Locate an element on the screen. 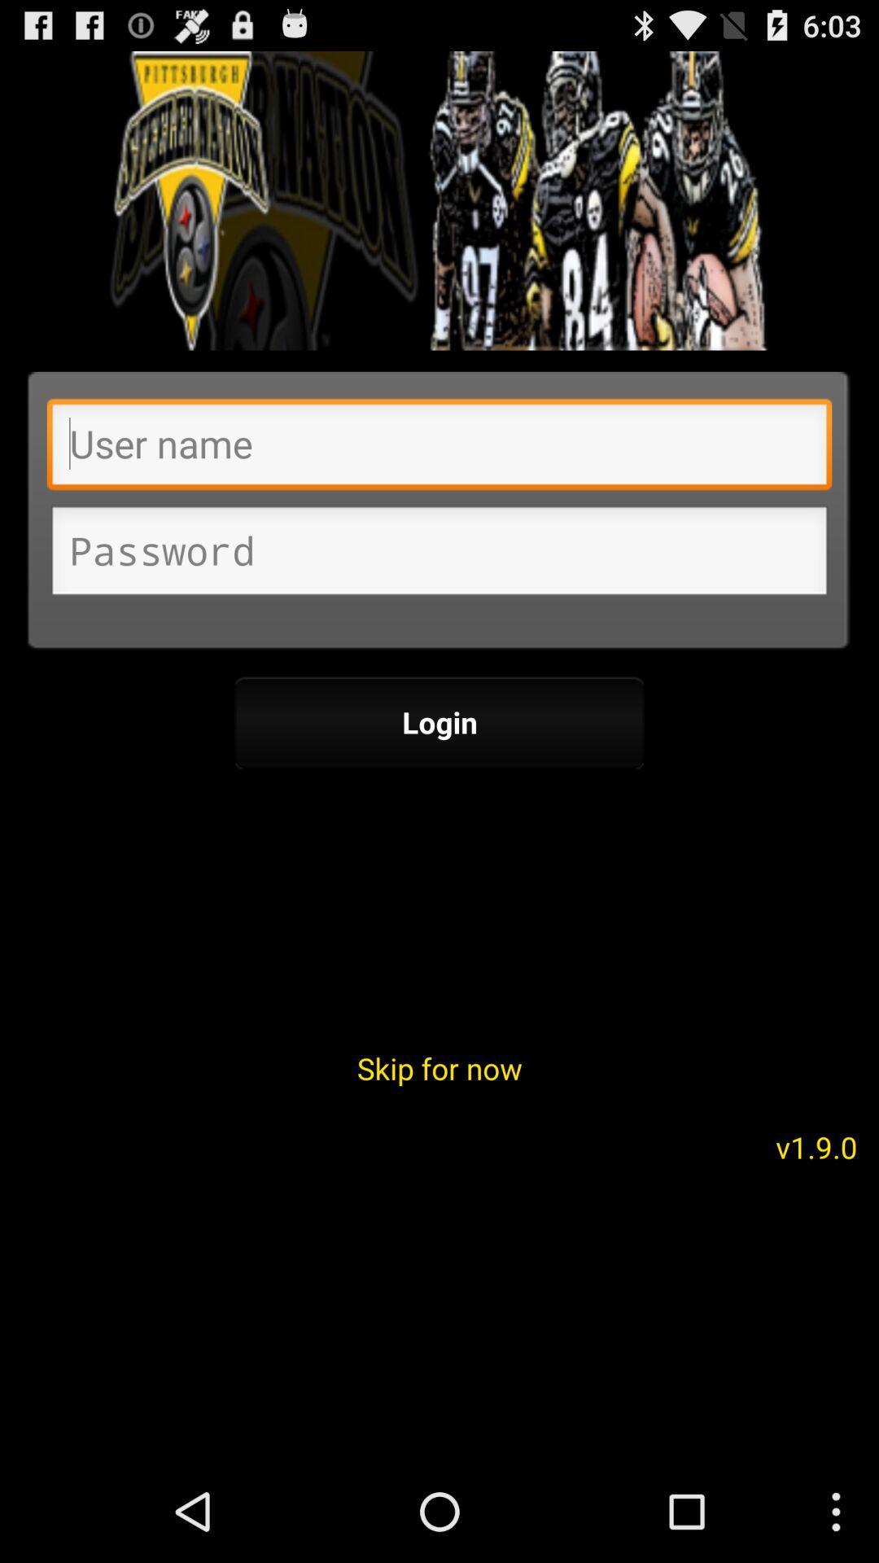 This screenshot has width=879, height=1563. item at the bottom is located at coordinates (439, 1068).